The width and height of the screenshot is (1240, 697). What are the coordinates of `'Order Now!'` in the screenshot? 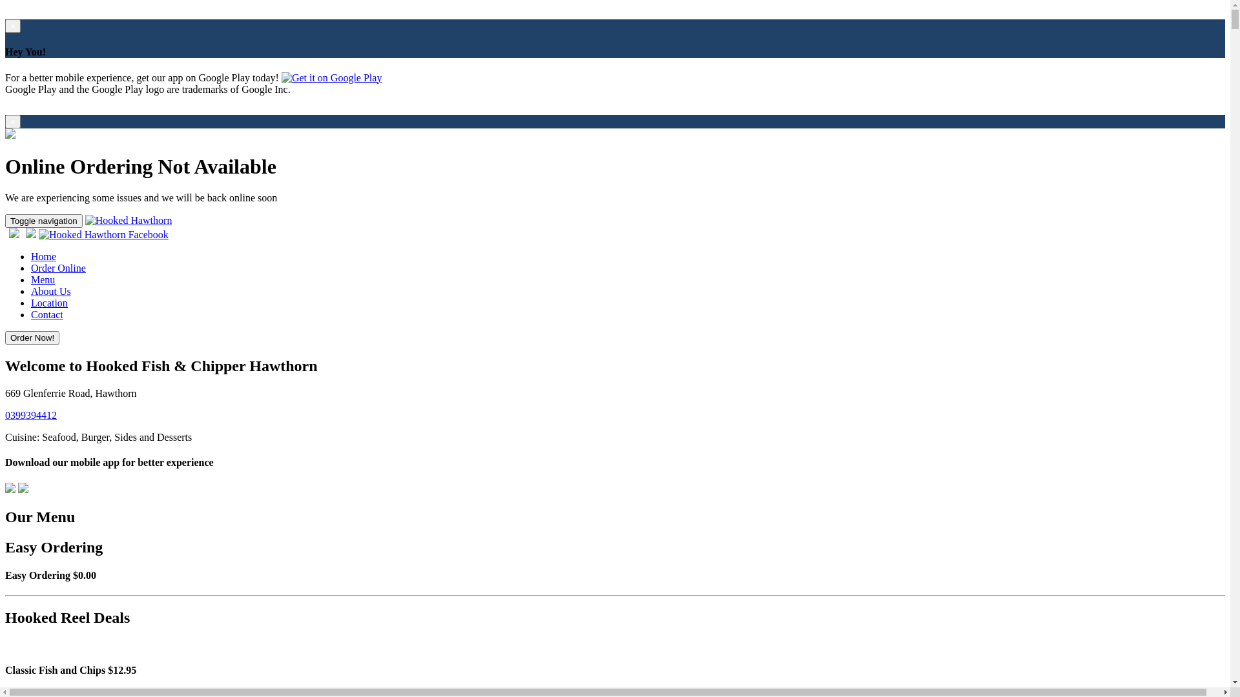 It's located at (32, 337).